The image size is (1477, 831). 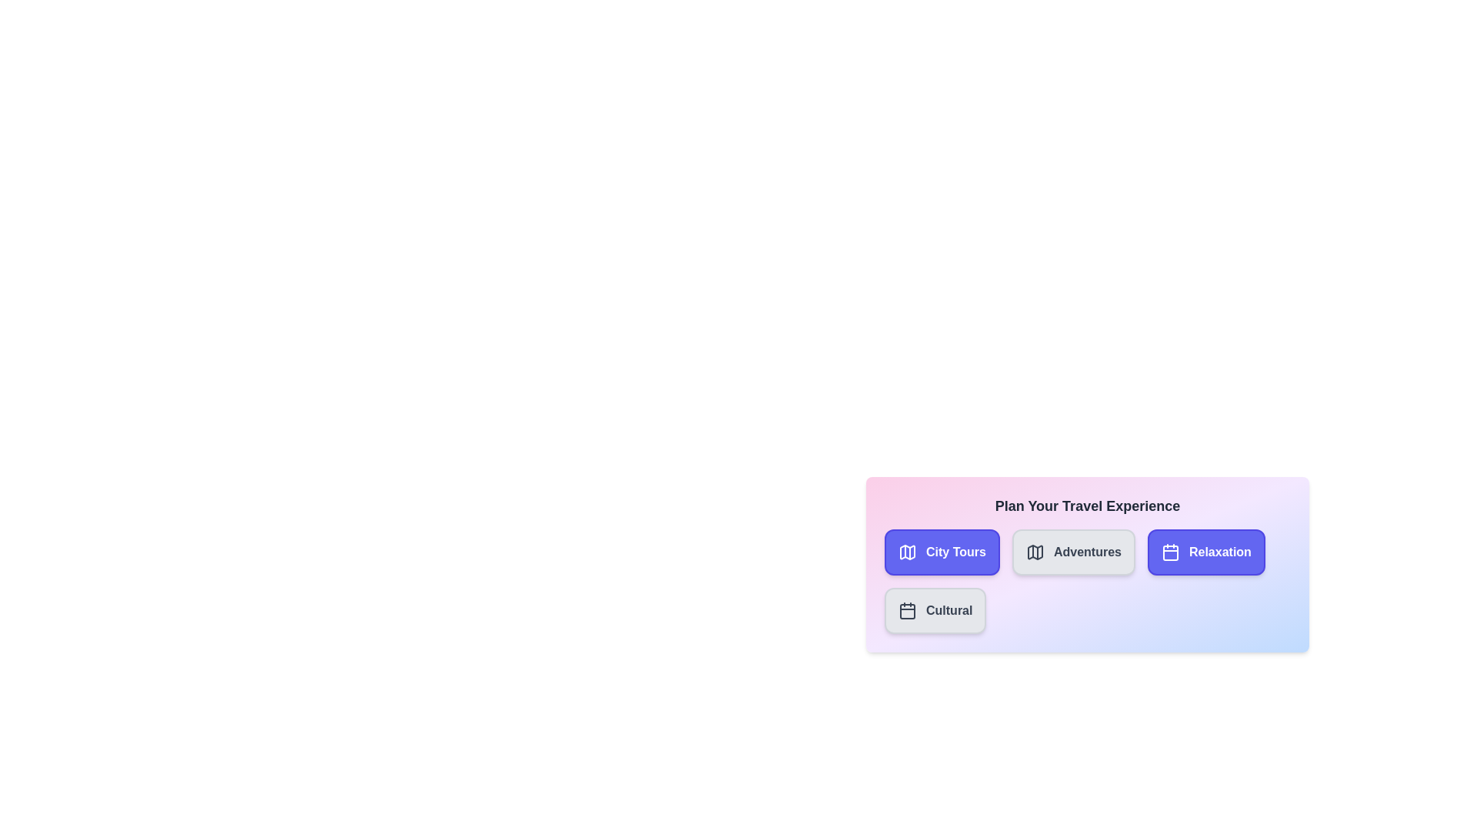 What do you see at coordinates (1205, 551) in the screenshot?
I see `the category Relaxation` at bounding box center [1205, 551].